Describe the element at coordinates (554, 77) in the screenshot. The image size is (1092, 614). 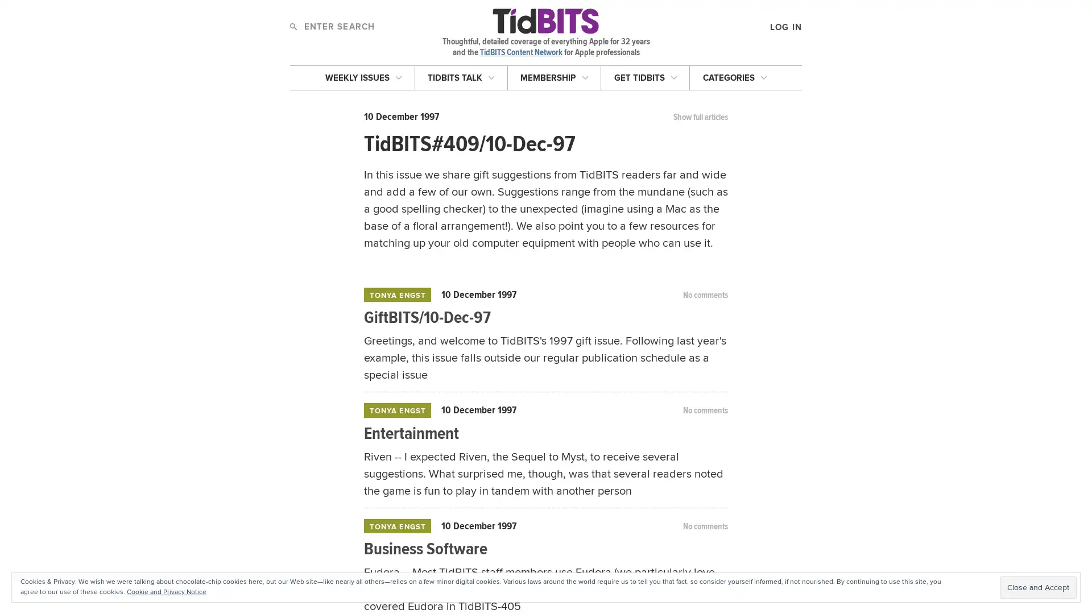
I see `MEMBERSHIP` at that location.